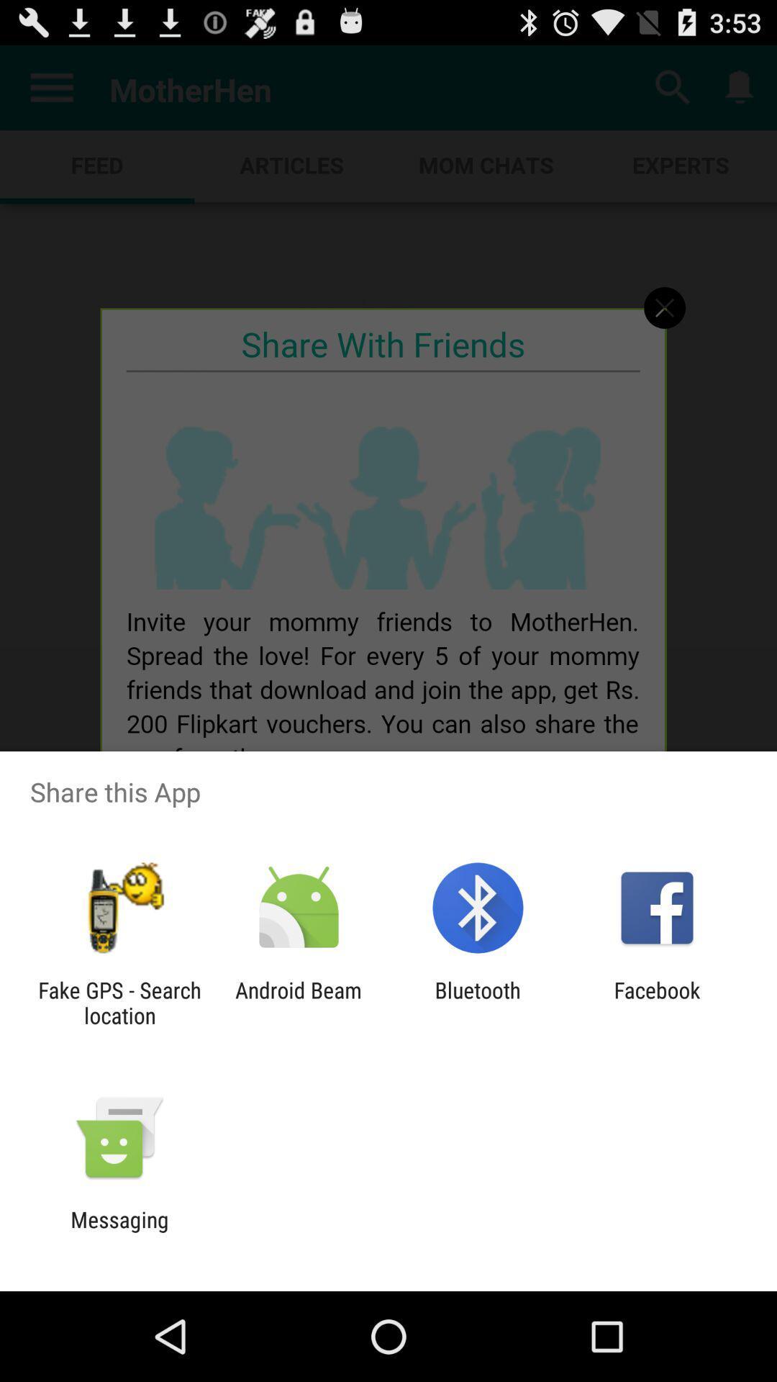 The image size is (777, 1382). What do you see at coordinates (298, 1002) in the screenshot?
I see `the android beam item` at bounding box center [298, 1002].